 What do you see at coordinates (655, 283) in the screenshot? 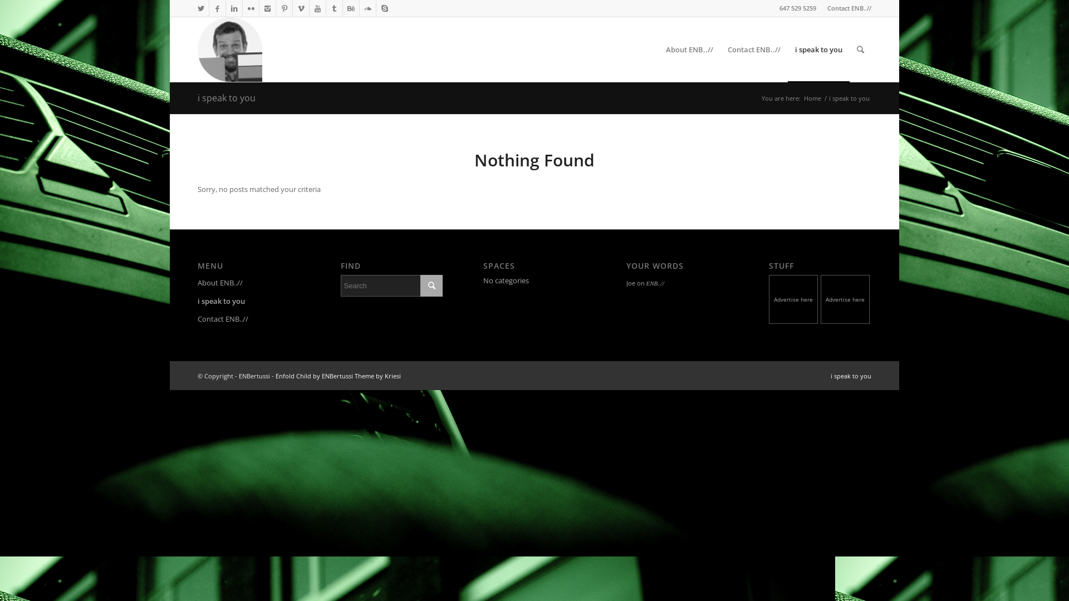
I see `'ENB..//'` at bounding box center [655, 283].